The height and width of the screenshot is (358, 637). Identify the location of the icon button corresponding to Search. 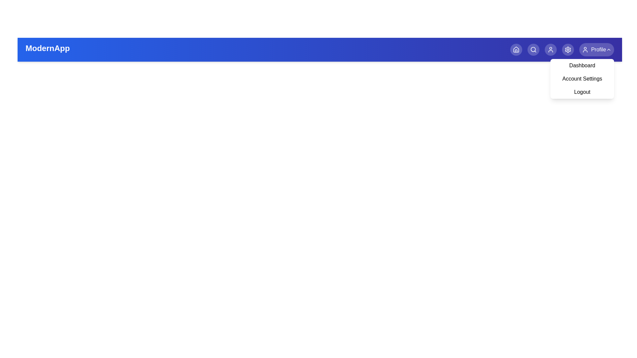
(533, 49).